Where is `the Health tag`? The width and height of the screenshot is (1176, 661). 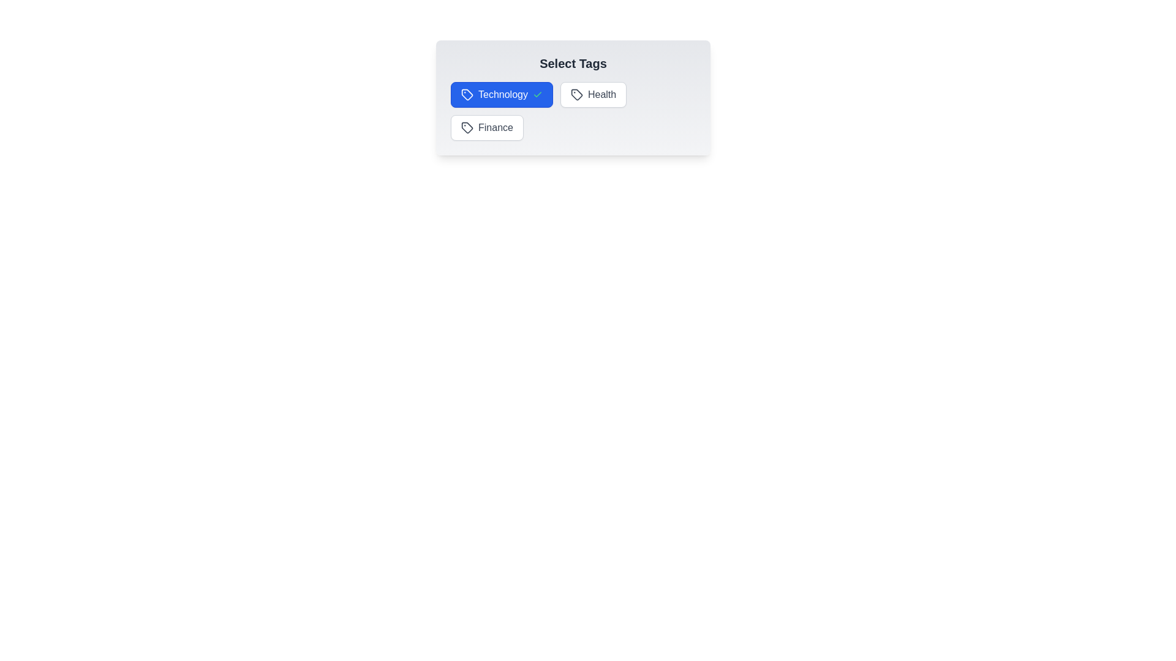
the Health tag is located at coordinates (594, 94).